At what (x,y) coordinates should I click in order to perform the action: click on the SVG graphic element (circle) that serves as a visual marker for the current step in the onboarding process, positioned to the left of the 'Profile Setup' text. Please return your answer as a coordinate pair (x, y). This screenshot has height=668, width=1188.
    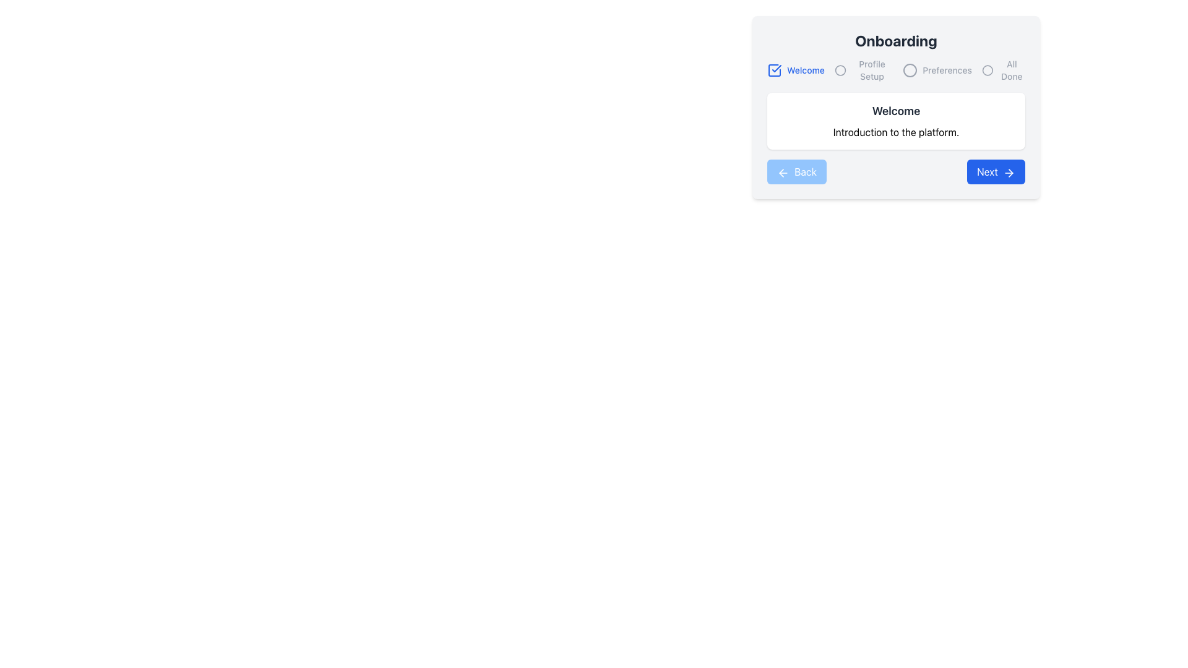
    Looking at the image, I should click on (840, 71).